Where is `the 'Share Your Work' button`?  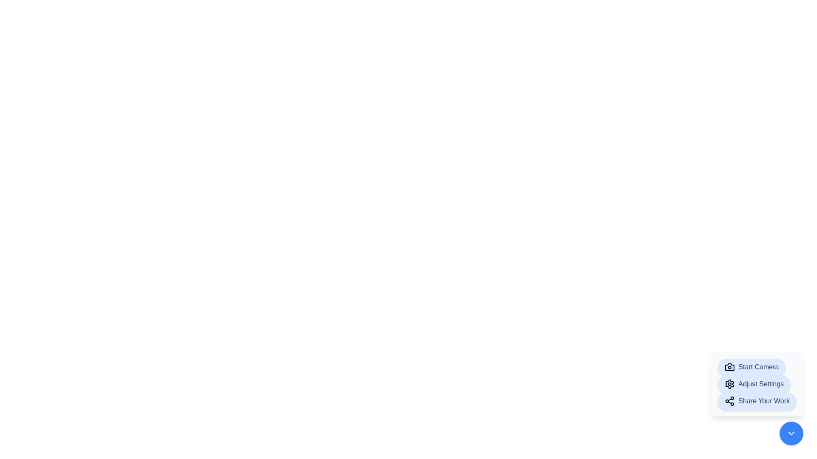 the 'Share Your Work' button is located at coordinates (757, 401).